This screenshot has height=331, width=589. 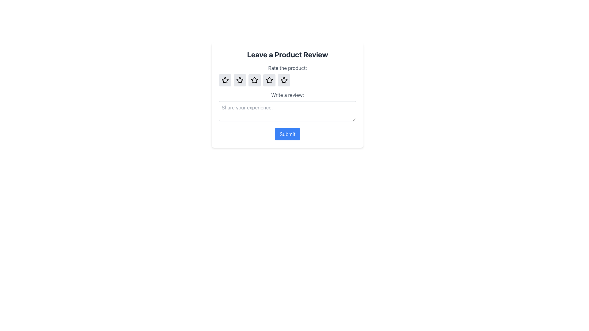 I want to click on the first star icon in the horizontal row of rating stars located in the 'Leave a Product Review' section to provide feedback, so click(x=225, y=80).